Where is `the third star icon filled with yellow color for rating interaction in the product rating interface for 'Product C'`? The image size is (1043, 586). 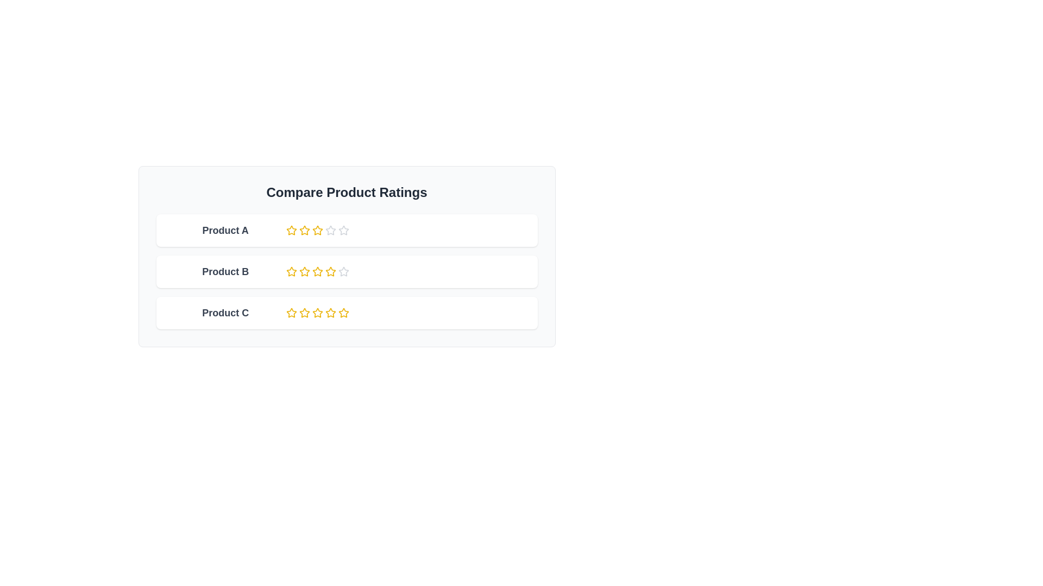
the third star icon filled with yellow color for rating interaction in the product rating interface for 'Product C' is located at coordinates (317, 313).